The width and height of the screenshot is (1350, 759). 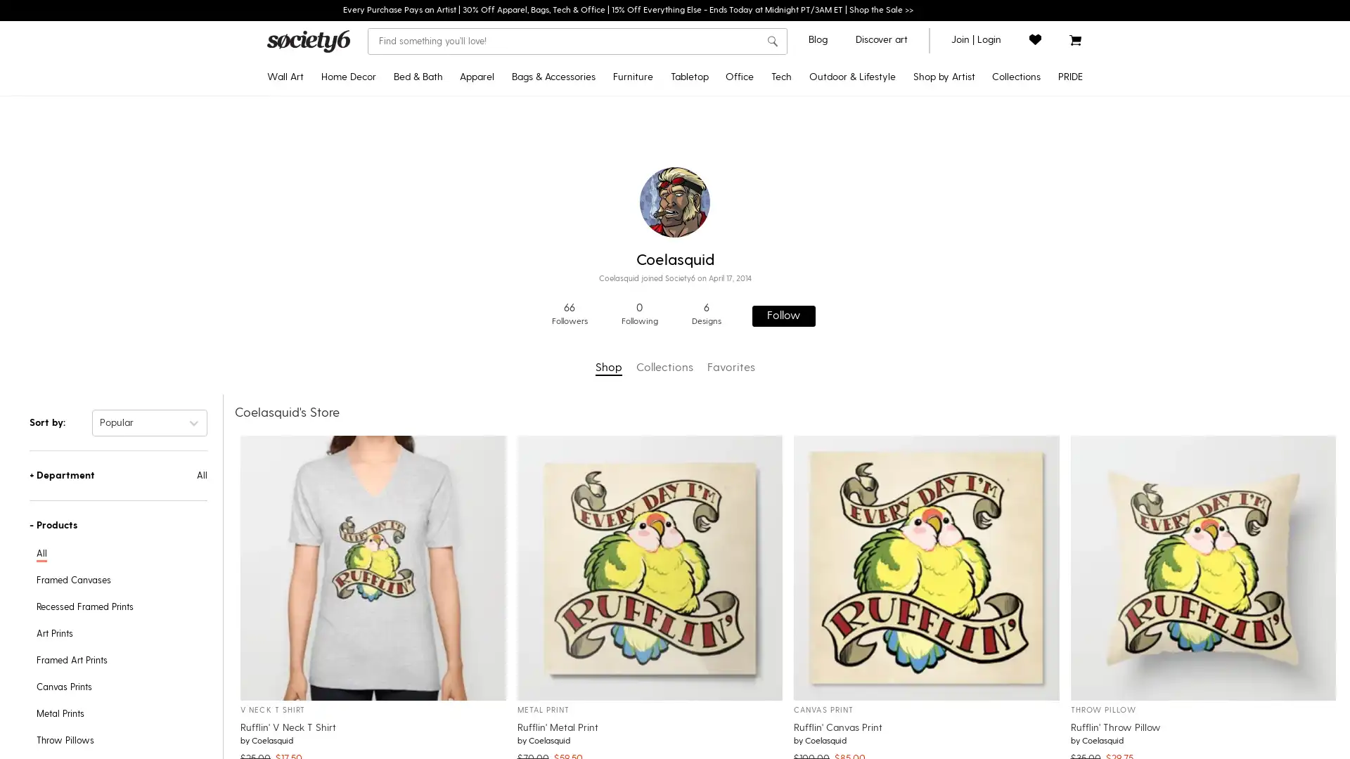 I want to click on Follow, so click(x=782, y=314).